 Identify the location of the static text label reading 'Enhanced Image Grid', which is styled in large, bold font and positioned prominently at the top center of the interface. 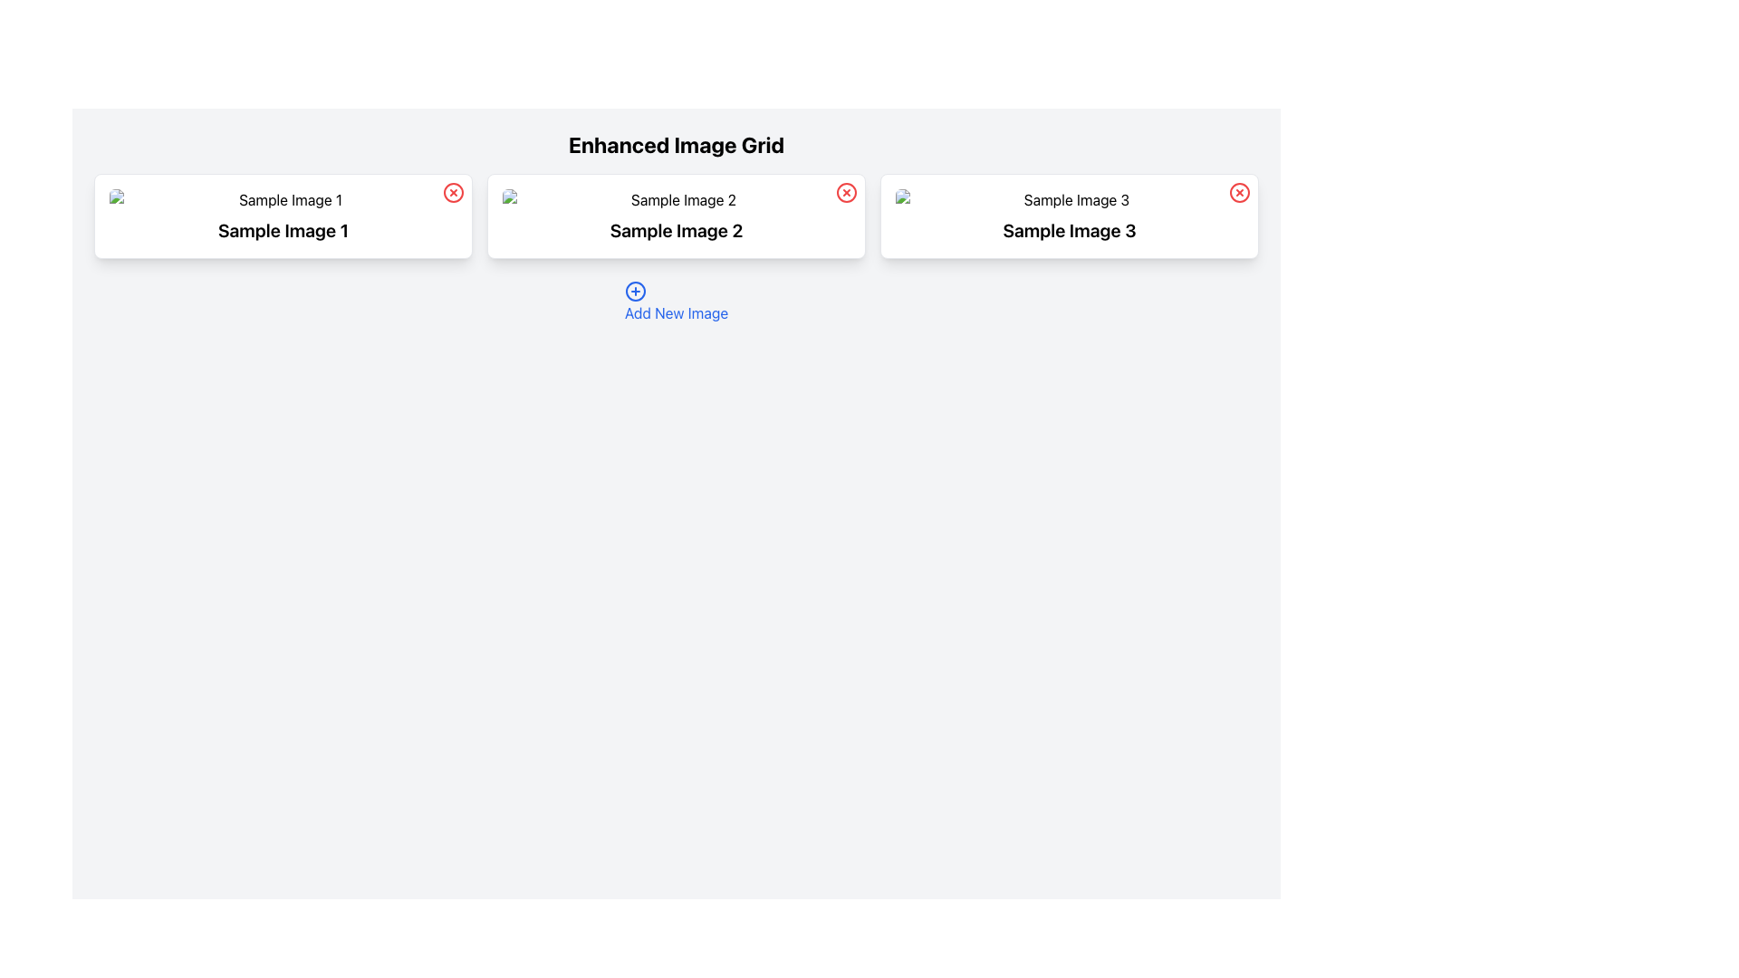
(676, 143).